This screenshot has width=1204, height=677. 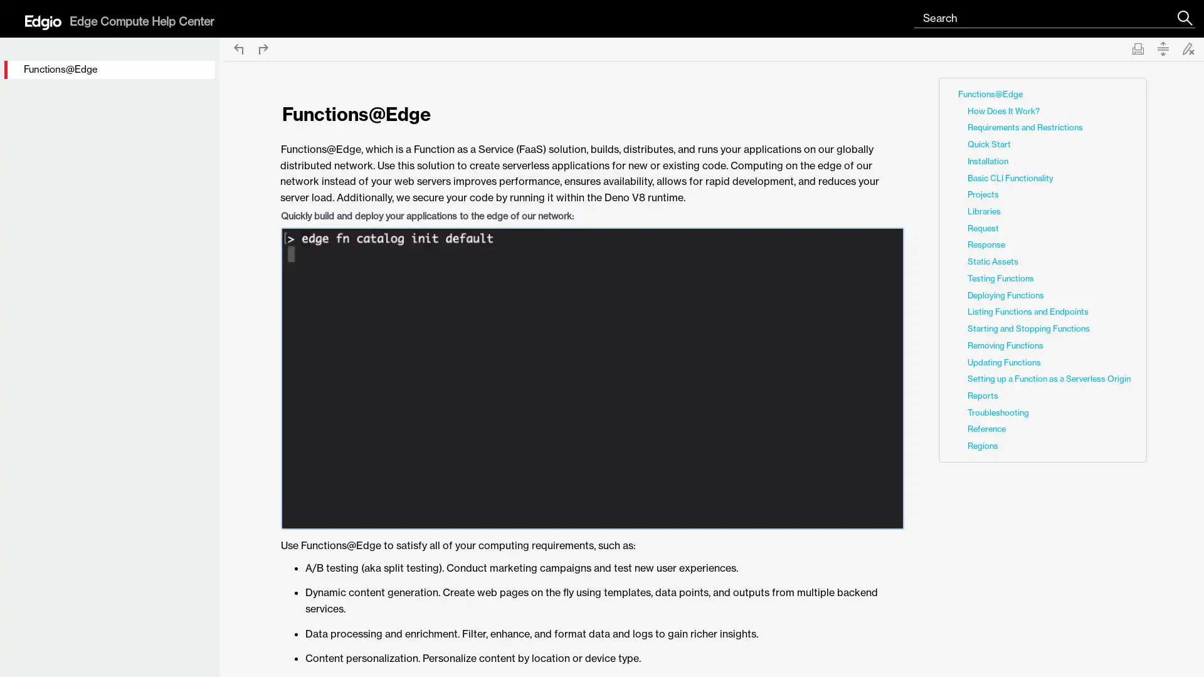 I want to click on previous topic, so click(x=238, y=48).